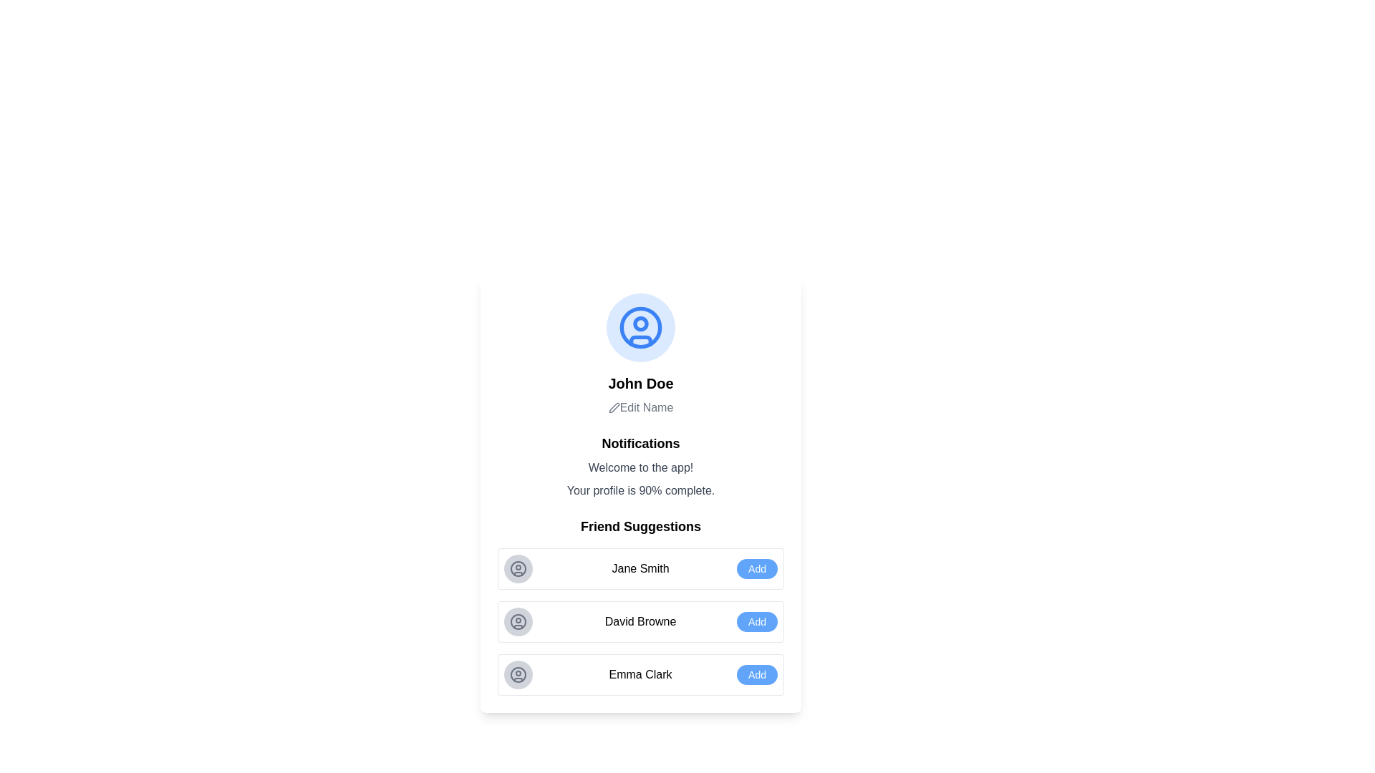 The width and height of the screenshot is (1375, 773). What do you see at coordinates (640, 328) in the screenshot?
I see `the circular icon with a light blue background and user avatar symbol, positioned at the top center above the text 'John Doe'` at bounding box center [640, 328].